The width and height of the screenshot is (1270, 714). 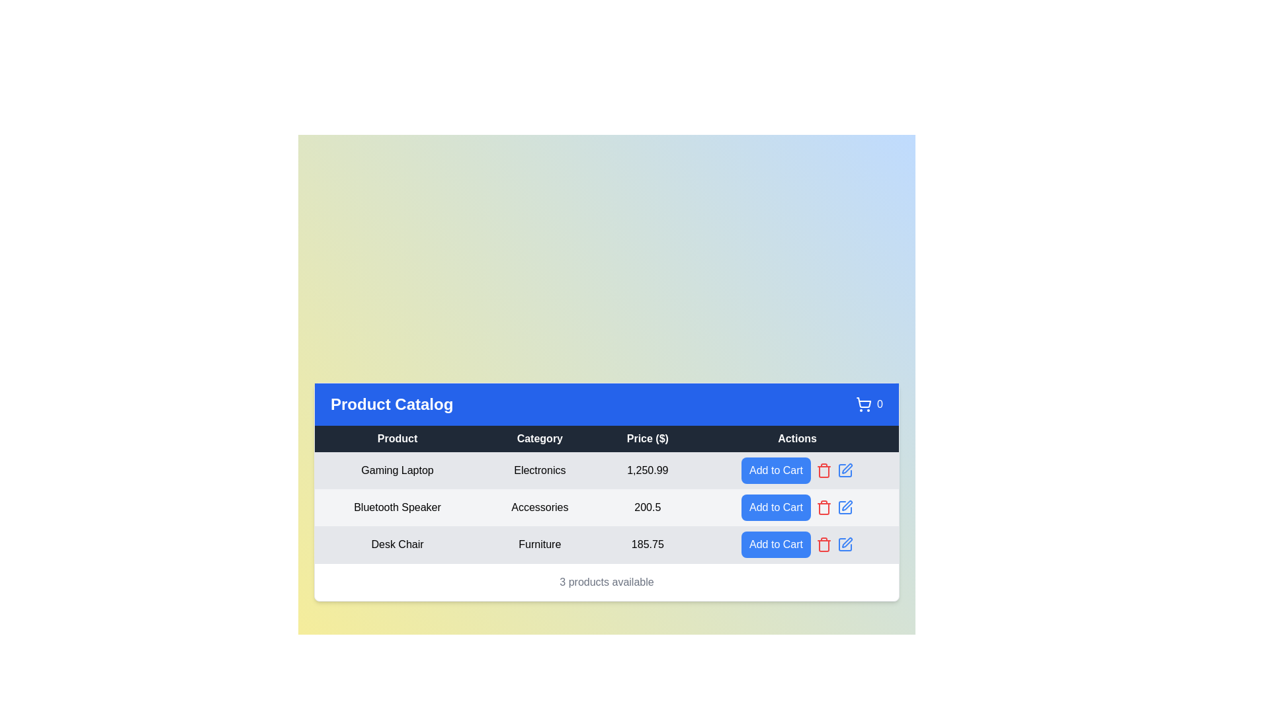 I want to click on the 'Desk Chair' text label located in the third row of the product table under the 'Product' column, so click(x=396, y=544).